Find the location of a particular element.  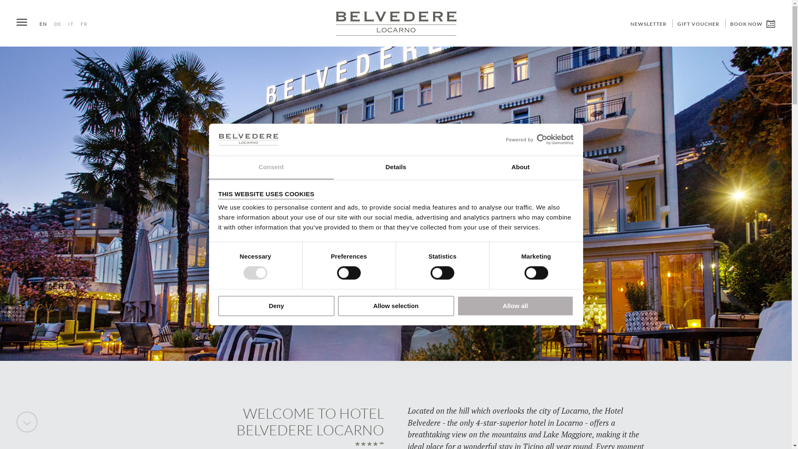

'FR' is located at coordinates (84, 23).